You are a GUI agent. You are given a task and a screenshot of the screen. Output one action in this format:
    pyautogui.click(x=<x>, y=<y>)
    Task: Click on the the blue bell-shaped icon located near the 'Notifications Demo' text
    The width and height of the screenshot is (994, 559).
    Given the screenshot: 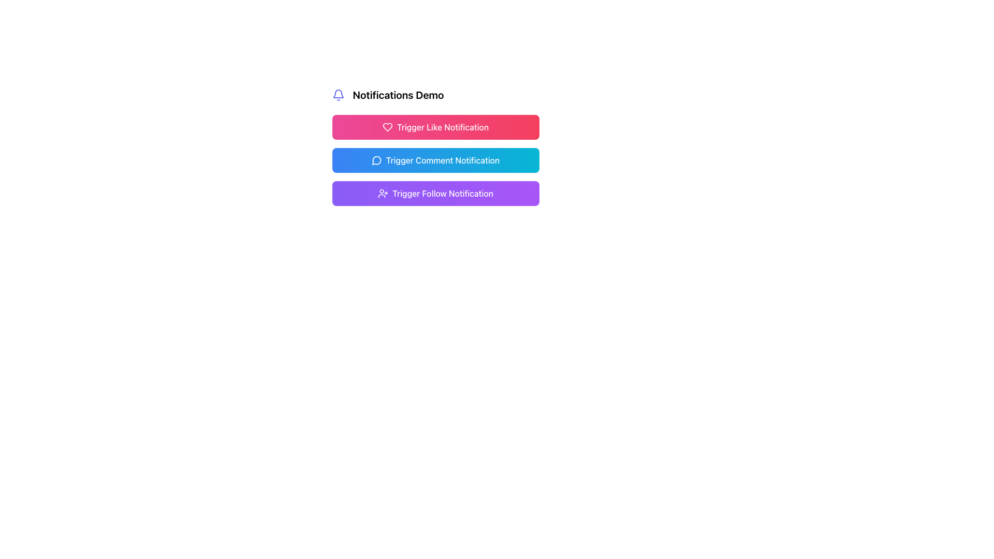 What is the action you would take?
    pyautogui.click(x=338, y=95)
    